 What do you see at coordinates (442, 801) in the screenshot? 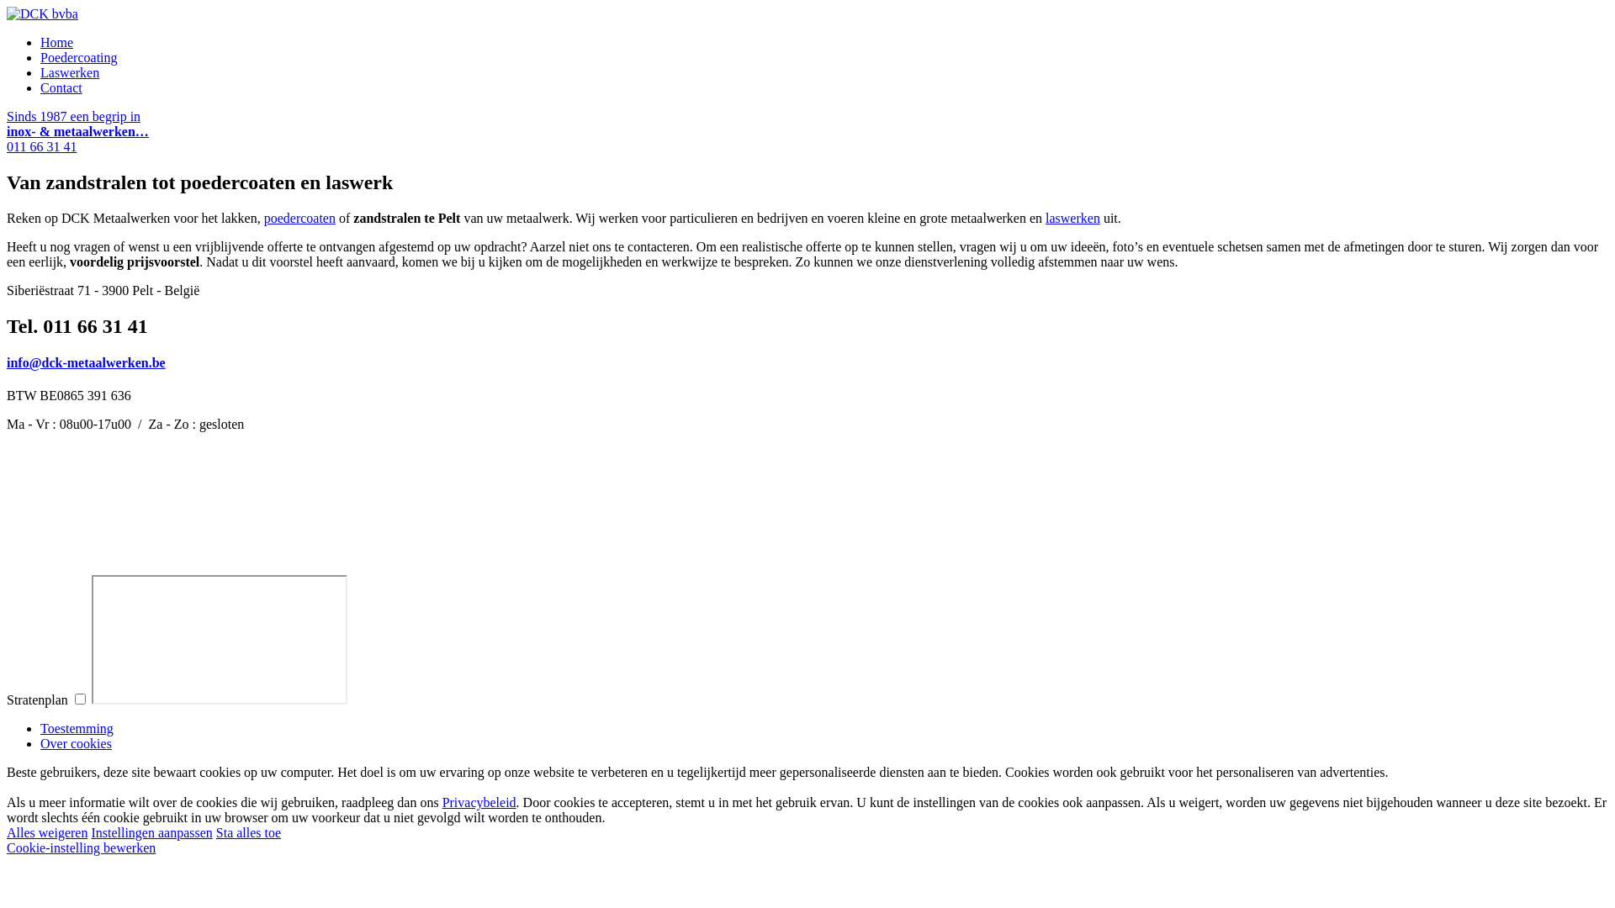
I see `'Privacybeleid'` at bounding box center [442, 801].